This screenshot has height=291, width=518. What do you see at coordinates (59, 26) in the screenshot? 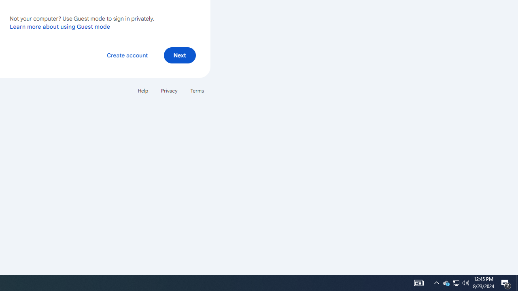
I see `'Learn more about using Guest mode'` at bounding box center [59, 26].